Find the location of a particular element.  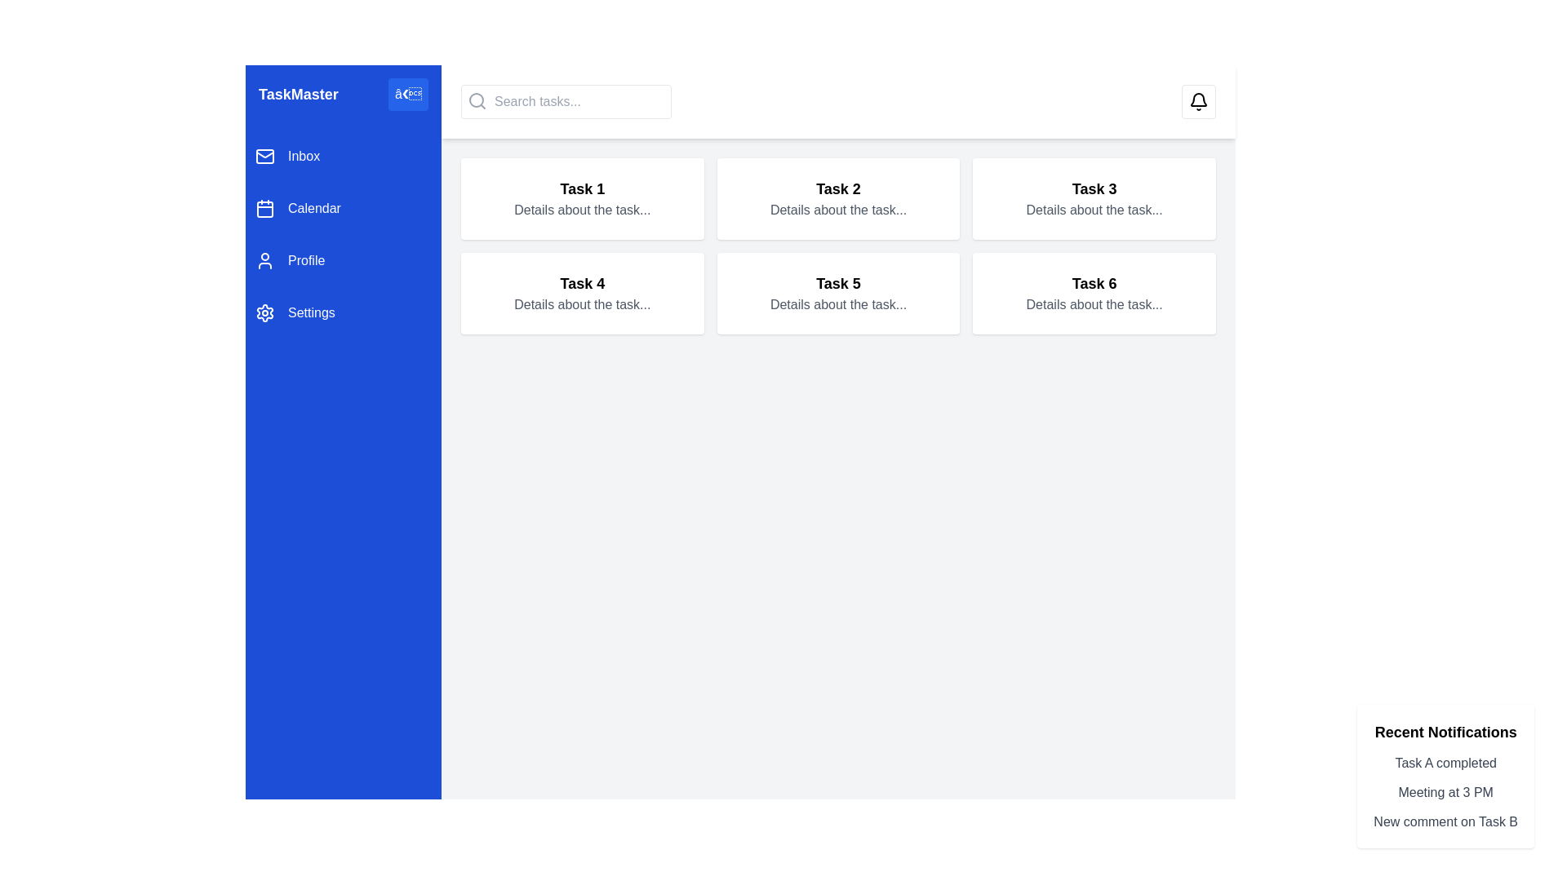

information displayed in the text label that says 'Task A completed', which is styled in gray color and located at the bottom-right corner of the interface within the notification section is located at coordinates (1445, 764).